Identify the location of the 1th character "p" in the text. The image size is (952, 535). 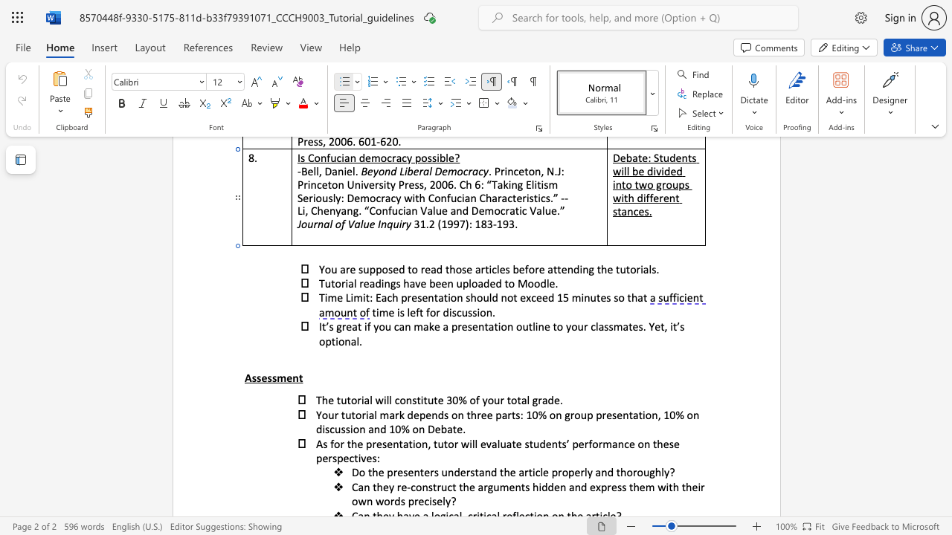
(327, 341).